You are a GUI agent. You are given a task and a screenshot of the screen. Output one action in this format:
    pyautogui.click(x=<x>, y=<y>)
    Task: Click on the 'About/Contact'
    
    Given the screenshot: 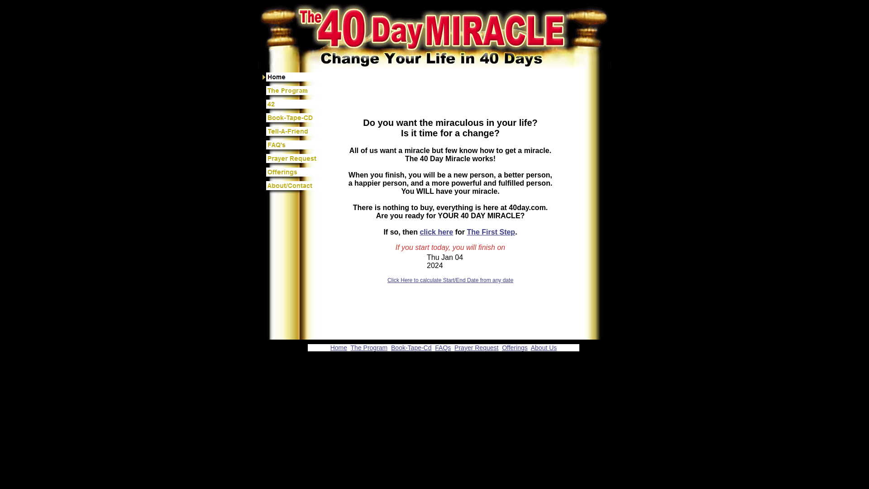 What is the action you would take?
    pyautogui.click(x=262, y=187)
    